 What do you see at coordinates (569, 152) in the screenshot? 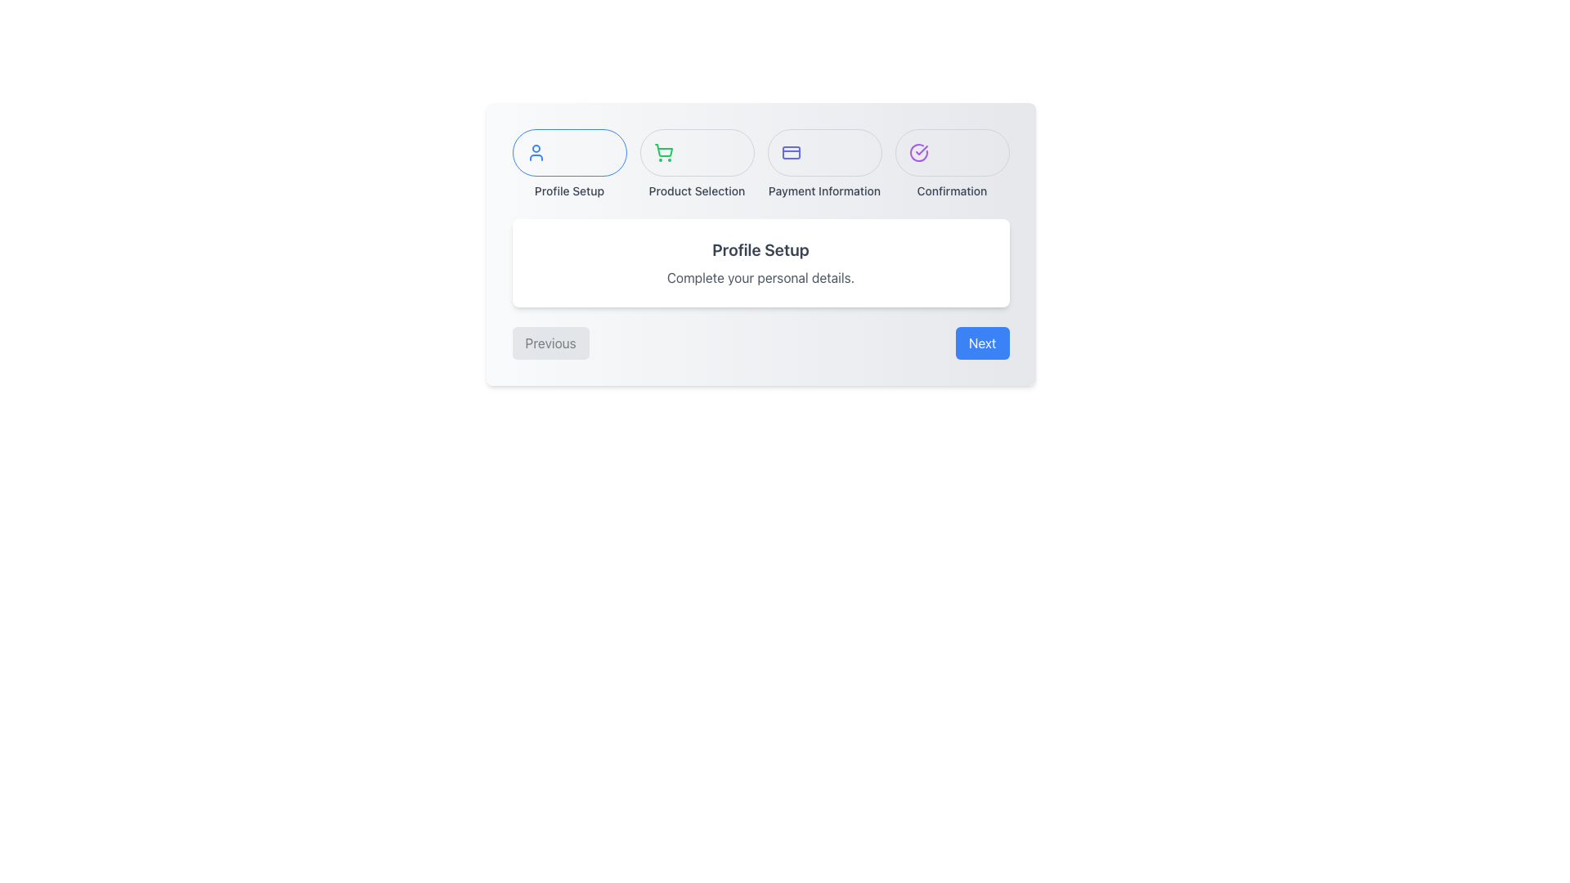
I see `the 'Profile Setup' Icon button` at bounding box center [569, 152].